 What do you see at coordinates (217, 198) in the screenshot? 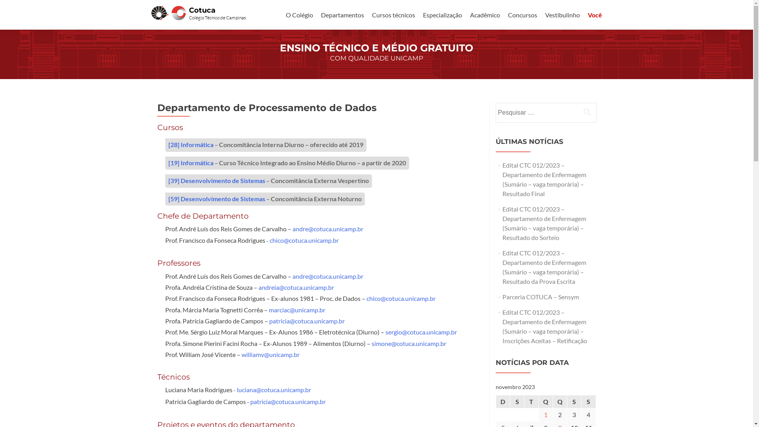
I see `'[59] Desenvolvimento de Sistemas'` at bounding box center [217, 198].